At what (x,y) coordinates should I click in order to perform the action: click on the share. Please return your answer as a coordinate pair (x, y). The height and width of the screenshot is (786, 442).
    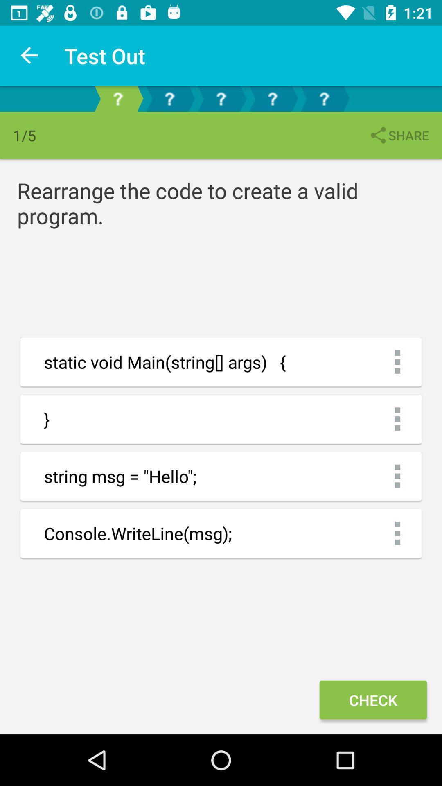
    Looking at the image, I should click on (398, 135).